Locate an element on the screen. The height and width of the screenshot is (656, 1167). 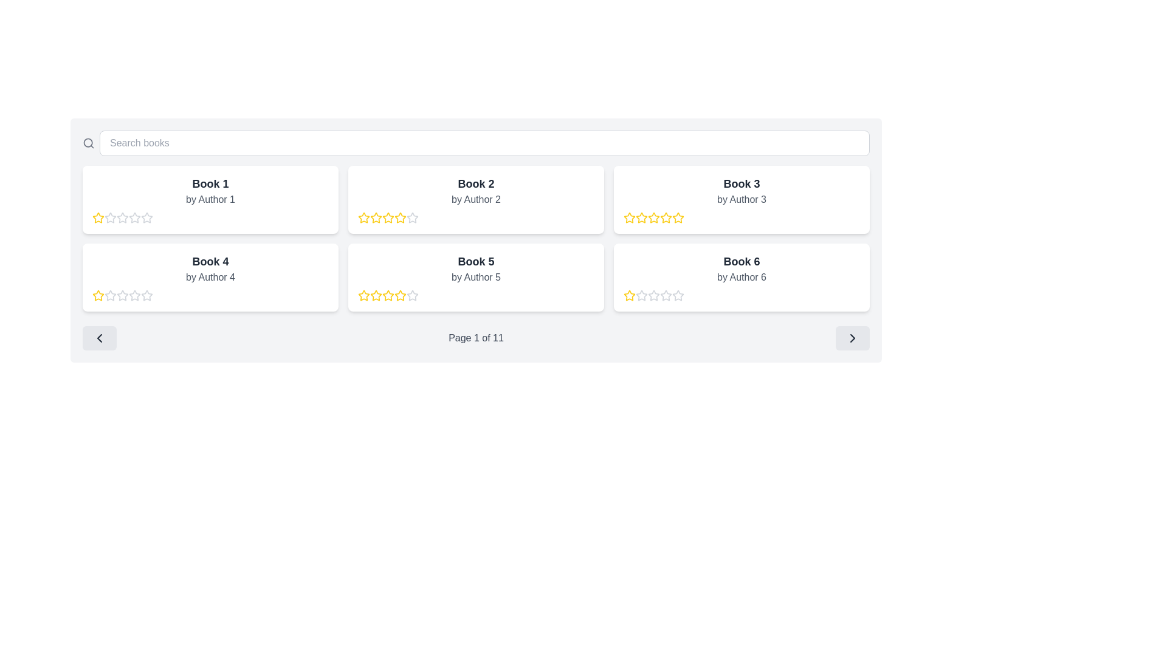
the right-facing chevron icon located at the far-right side of the interface within the footer navigation area is located at coordinates (852, 338).